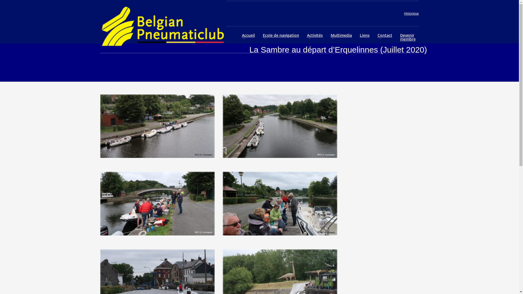 This screenshot has width=523, height=294. I want to click on 'Accueil', so click(248, 35).